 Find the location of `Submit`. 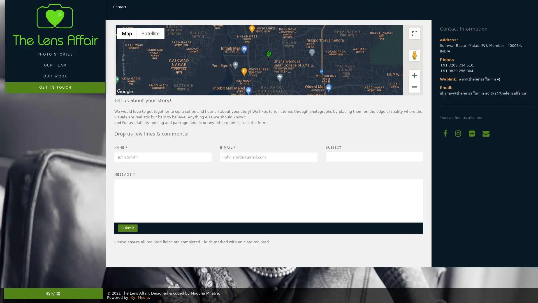

Submit is located at coordinates (127, 228).